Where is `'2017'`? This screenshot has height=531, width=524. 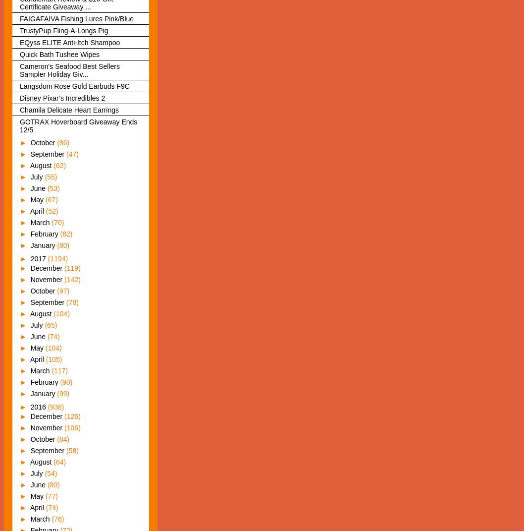 '2017' is located at coordinates (39, 258).